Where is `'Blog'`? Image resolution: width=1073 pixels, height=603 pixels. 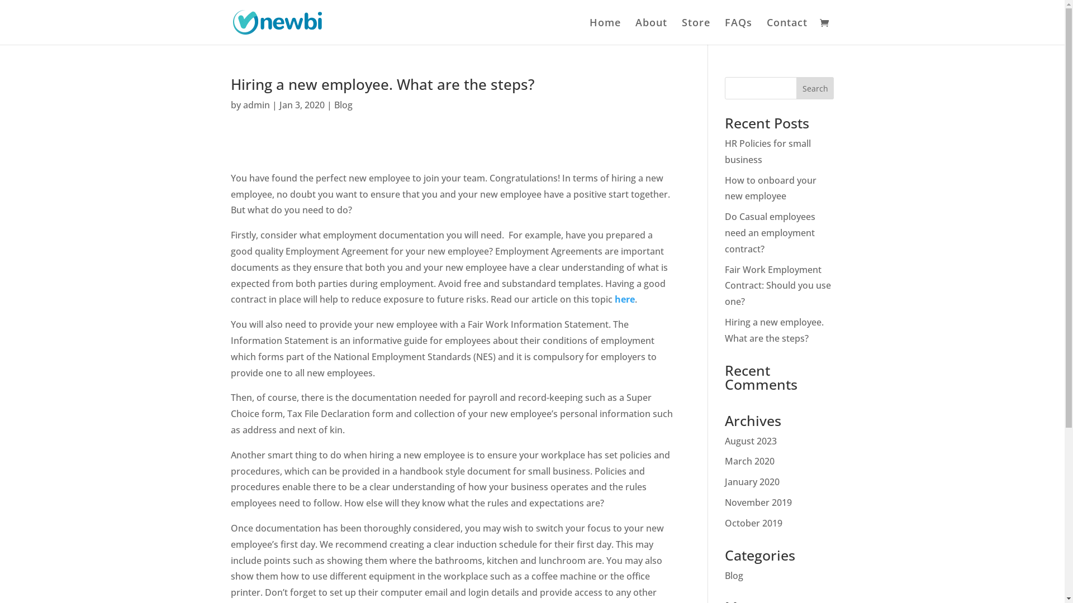
'Blog' is located at coordinates (343, 105).